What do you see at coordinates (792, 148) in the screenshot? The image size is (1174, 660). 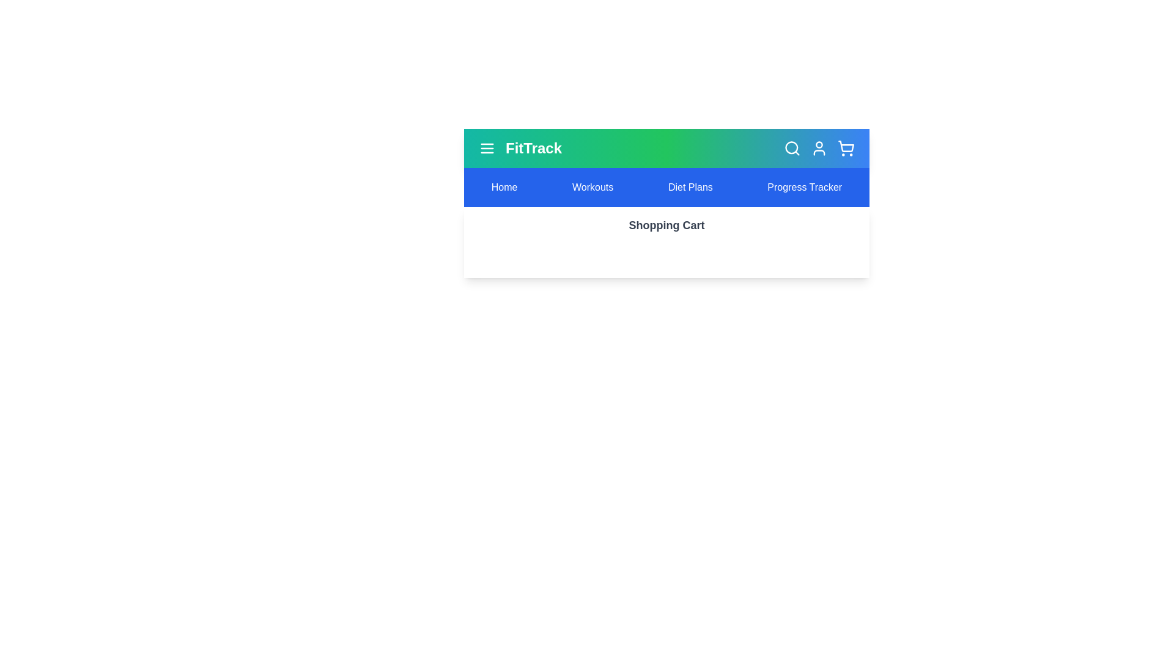 I see `the search icon to initiate a search` at bounding box center [792, 148].